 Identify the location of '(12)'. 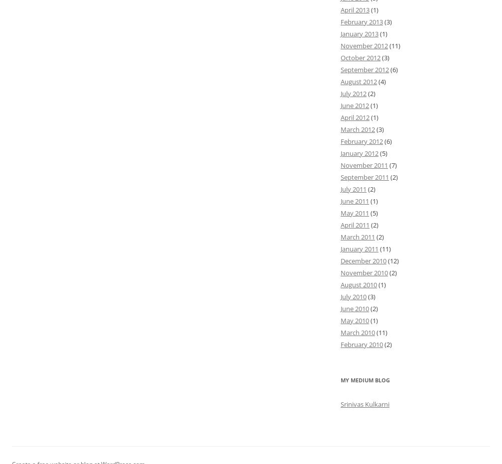
(392, 260).